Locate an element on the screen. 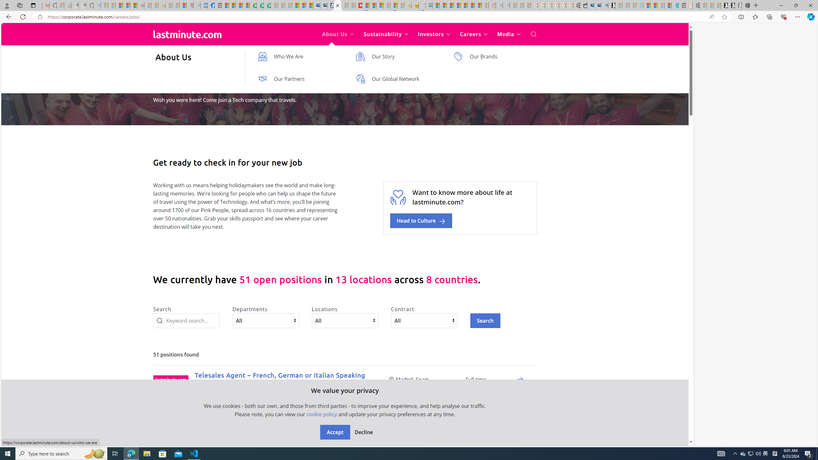  'Back to home' is located at coordinates (187, 34).